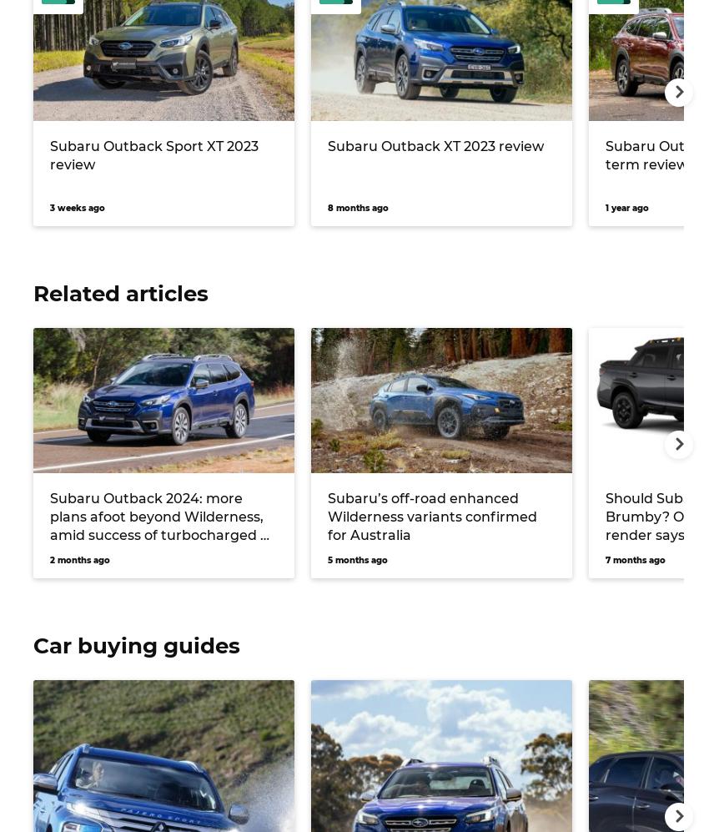  Describe the element at coordinates (153, 154) in the screenshot. I see `'Subaru Outback Sport XT 2023 review'` at that location.